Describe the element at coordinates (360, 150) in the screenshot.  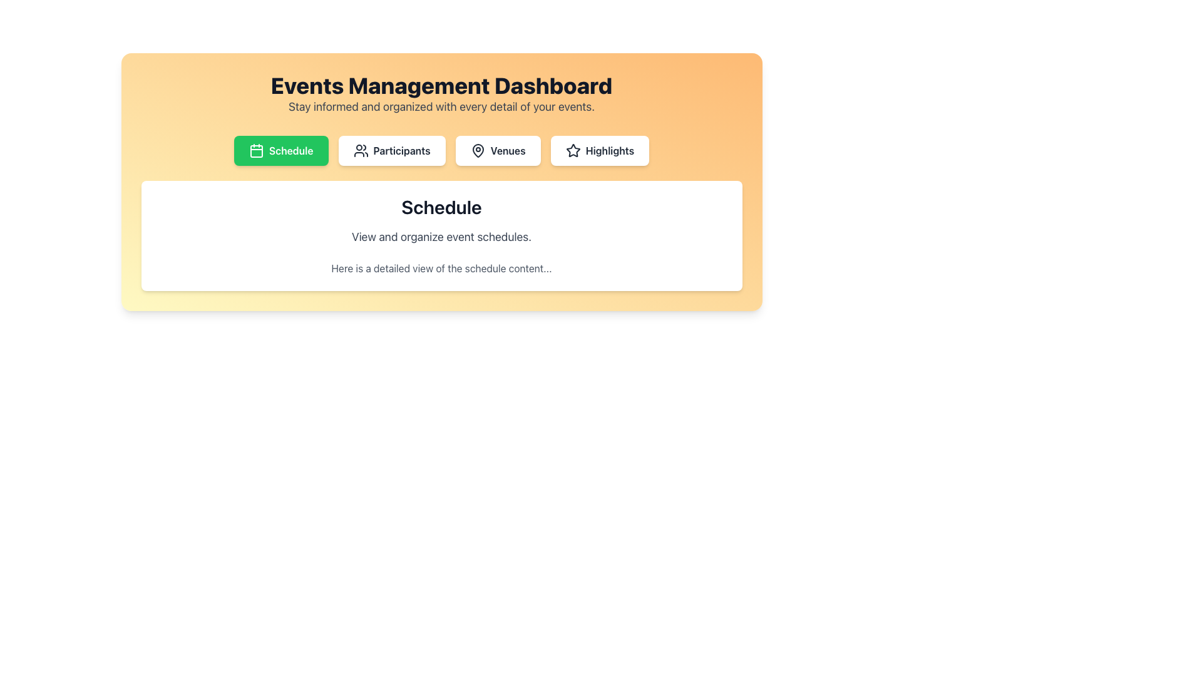
I see `the 'Participants' button icon located` at that location.